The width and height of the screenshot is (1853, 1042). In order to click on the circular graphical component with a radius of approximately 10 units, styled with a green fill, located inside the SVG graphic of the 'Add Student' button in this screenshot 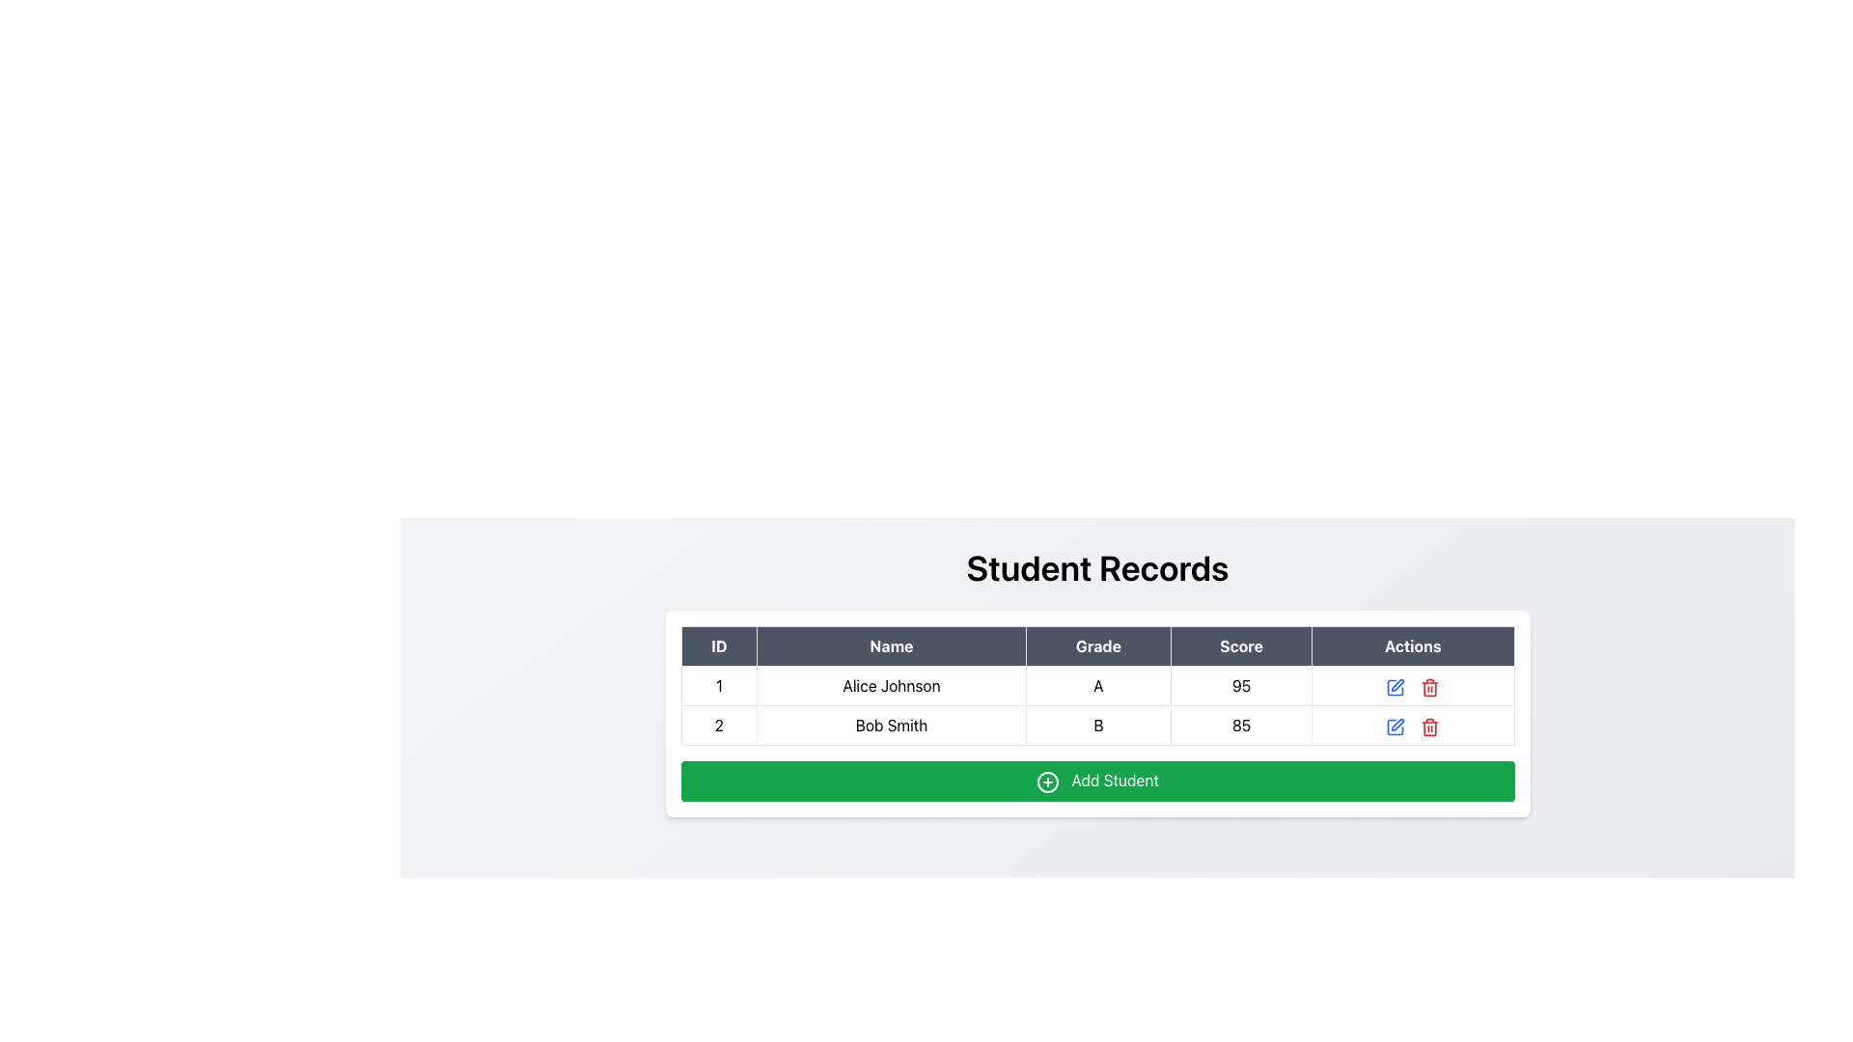, I will do `click(1047, 781)`.